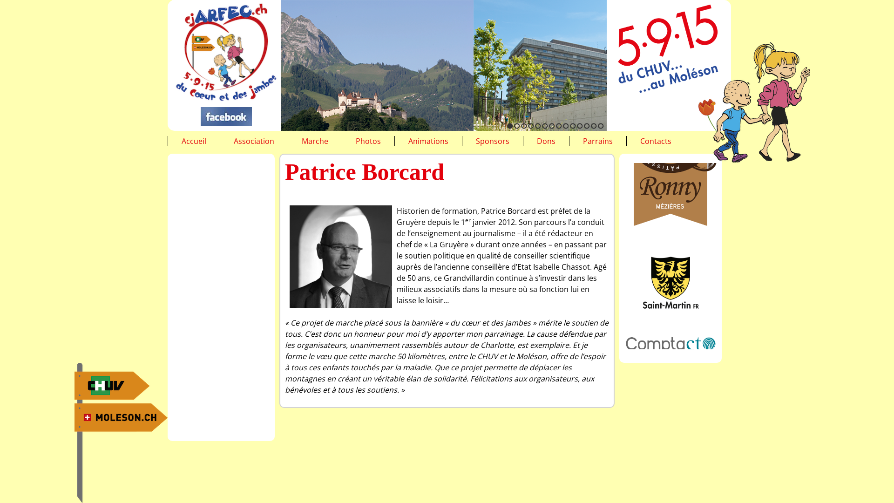 The height and width of the screenshot is (503, 894). What do you see at coordinates (524, 126) in the screenshot?
I see `'3'` at bounding box center [524, 126].